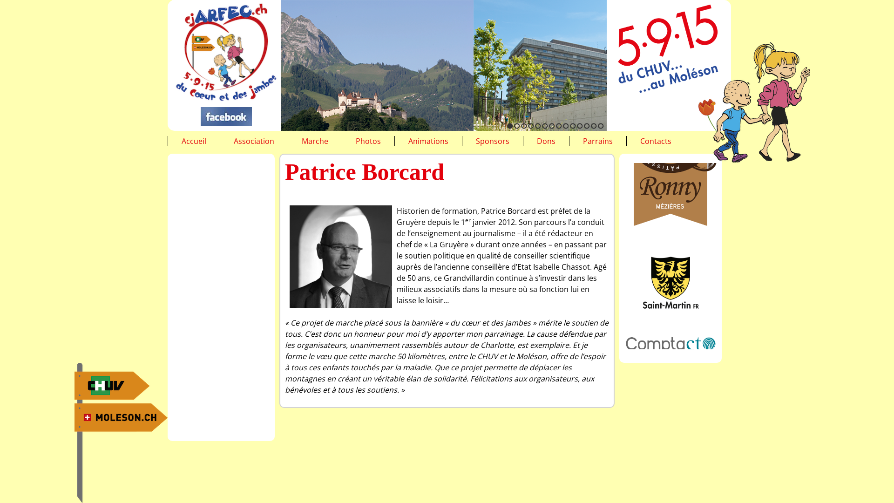 The height and width of the screenshot is (503, 894). What do you see at coordinates (524, 126) in the screenshot?
I see `'3'` at bounding box center [524, 126].